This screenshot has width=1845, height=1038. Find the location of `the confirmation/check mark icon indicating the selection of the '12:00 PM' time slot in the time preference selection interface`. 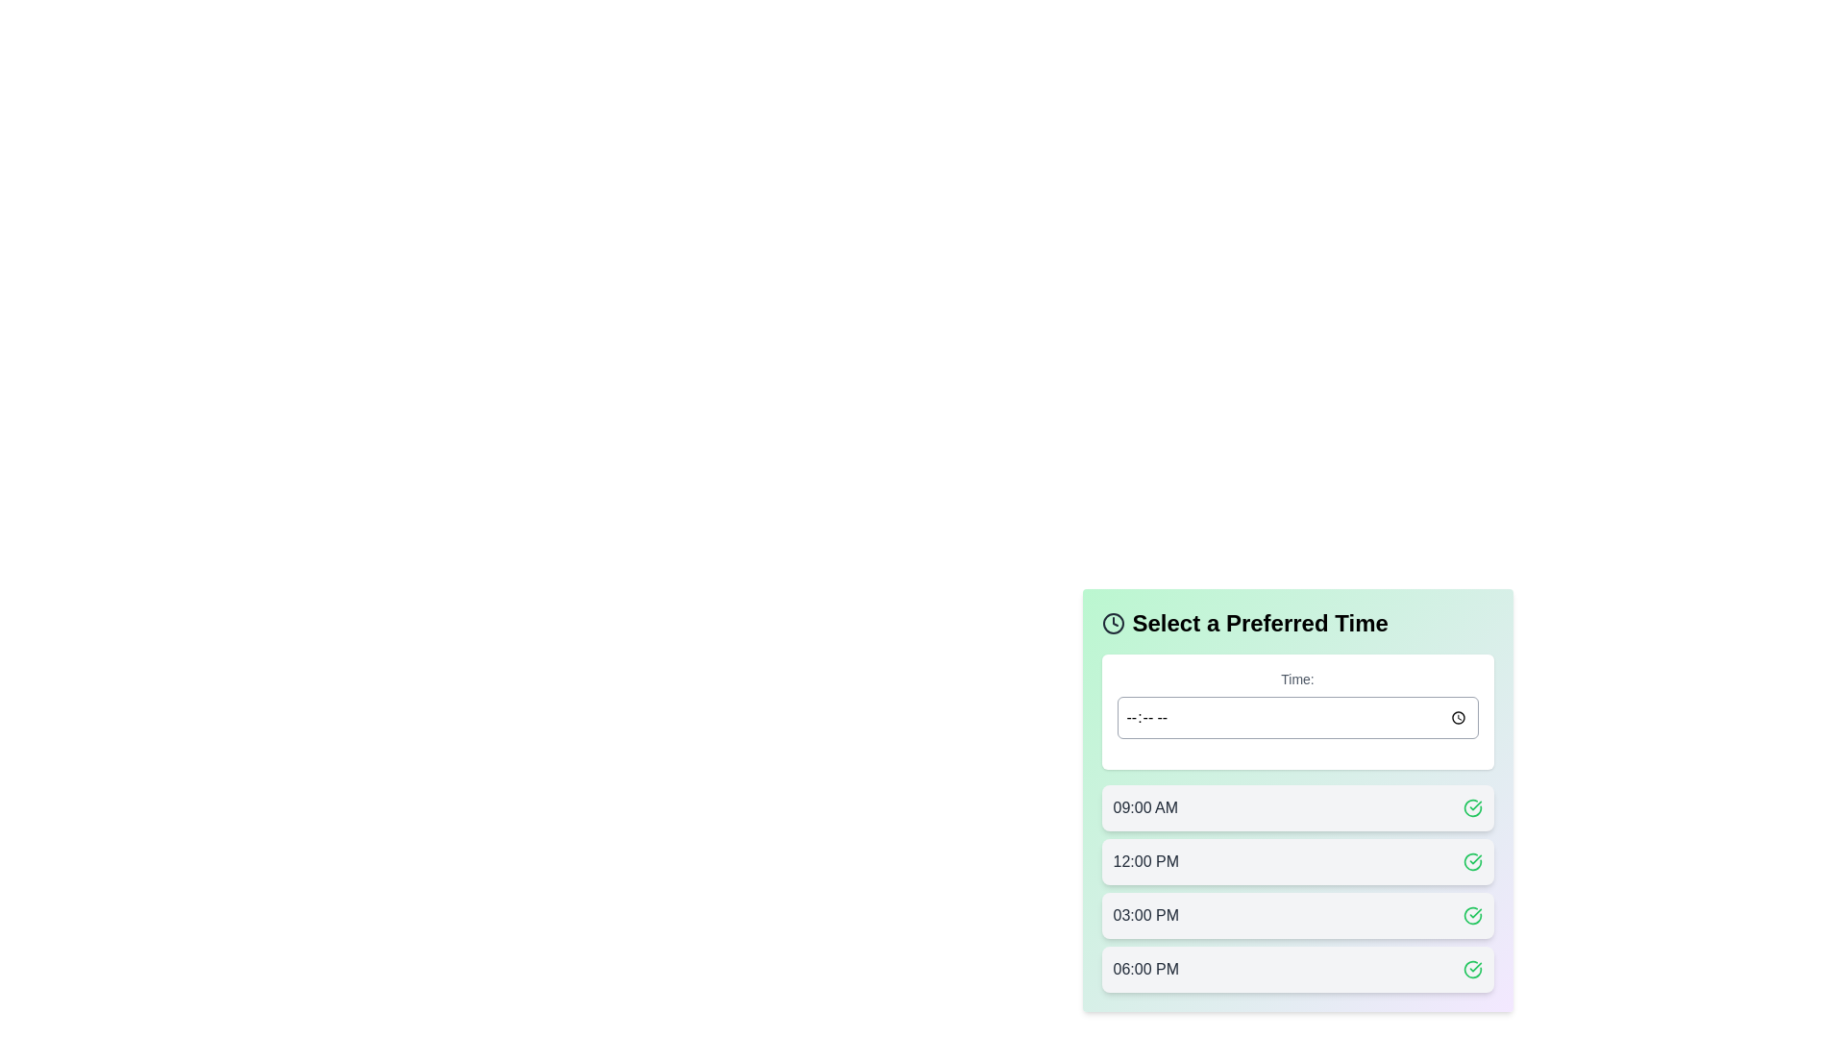

the confirmation/check mark icon indicating the selection of the '12:00 PM' time slot in the time preference selection interface is located at coordinates (1471, 861).